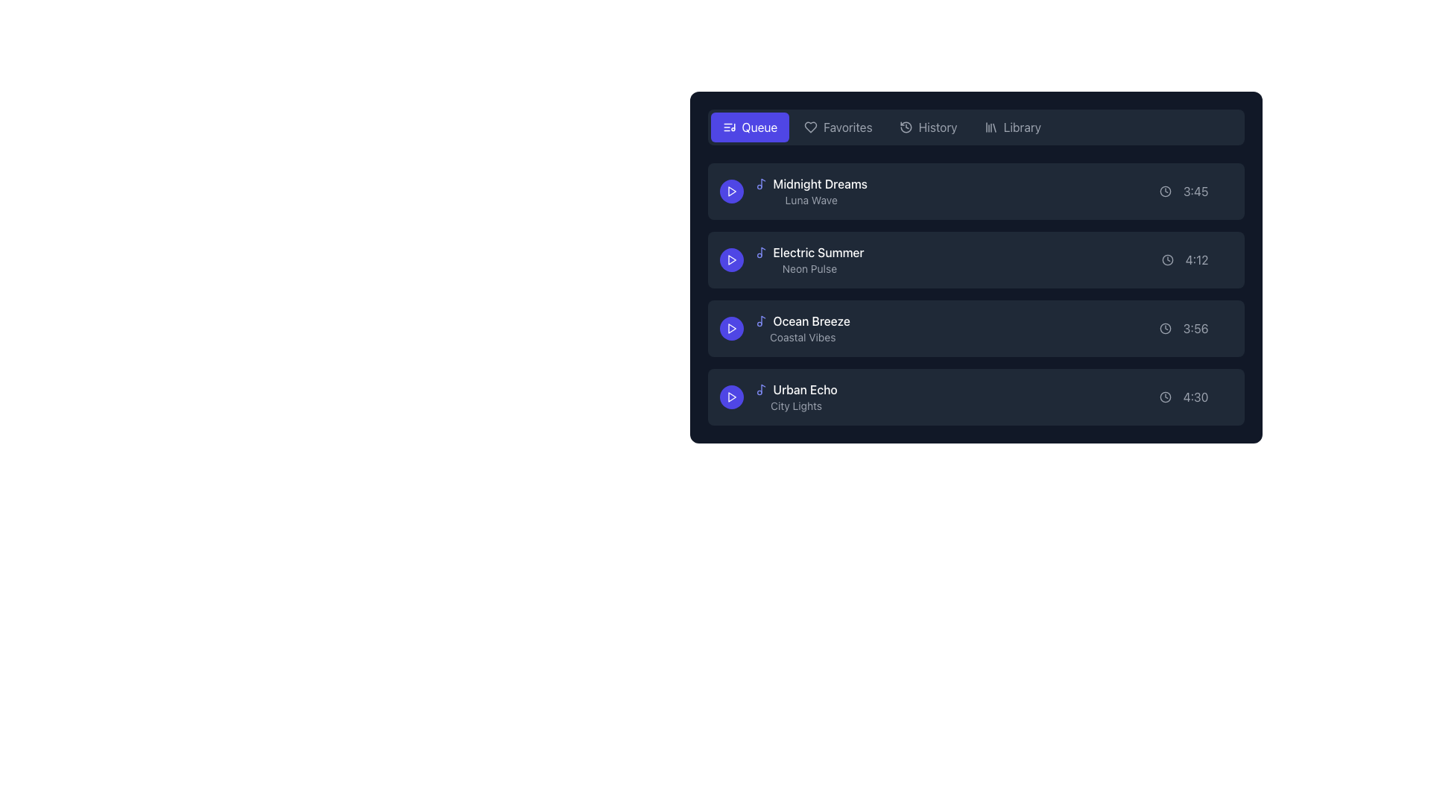 The width and height of the screenshot is (1431, 805). I want to click on the playback button associated with the media item 'Electric Summer' in the Queue section, so click(731, 259).